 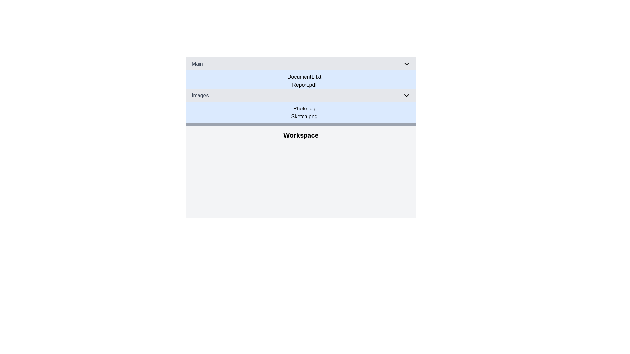 What do you see at coordinates (301, 73) in the screenshot?
I see `the first text list item labeled 'Document1.txt' and 'Report.pdf' under the 'Main' section to show the context menu` at bounding box center [301, 73].